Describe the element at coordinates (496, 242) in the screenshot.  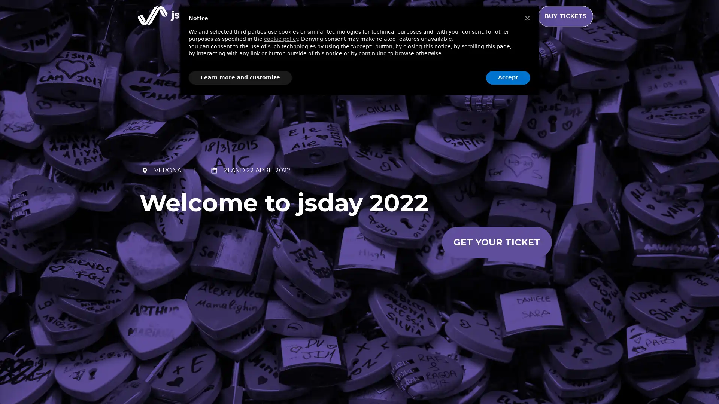
I see `Get your ticket` at that location.